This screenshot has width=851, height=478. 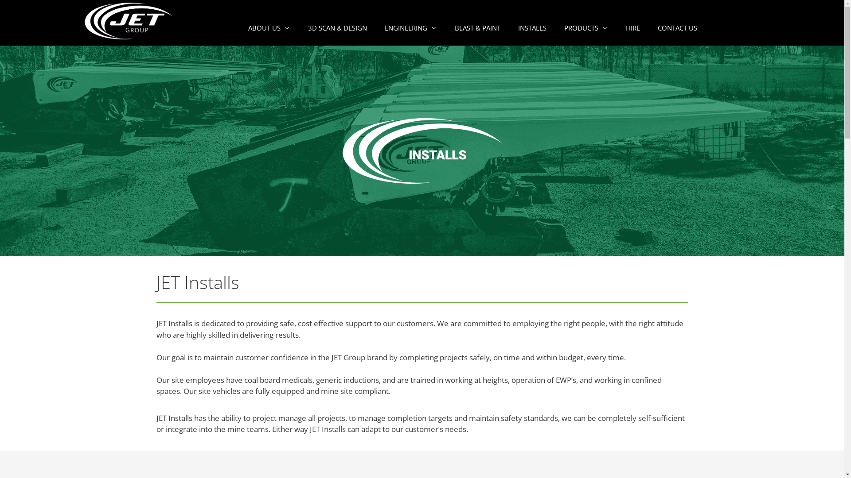 I want to click on '3D SCAN & DESIGN', so click(x=336, y=27).